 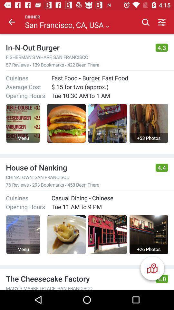 What do you see at coordinates (78, 177) in the screenshot?
I see `the chinatown, san francisco` at bounding box center [78, 177].